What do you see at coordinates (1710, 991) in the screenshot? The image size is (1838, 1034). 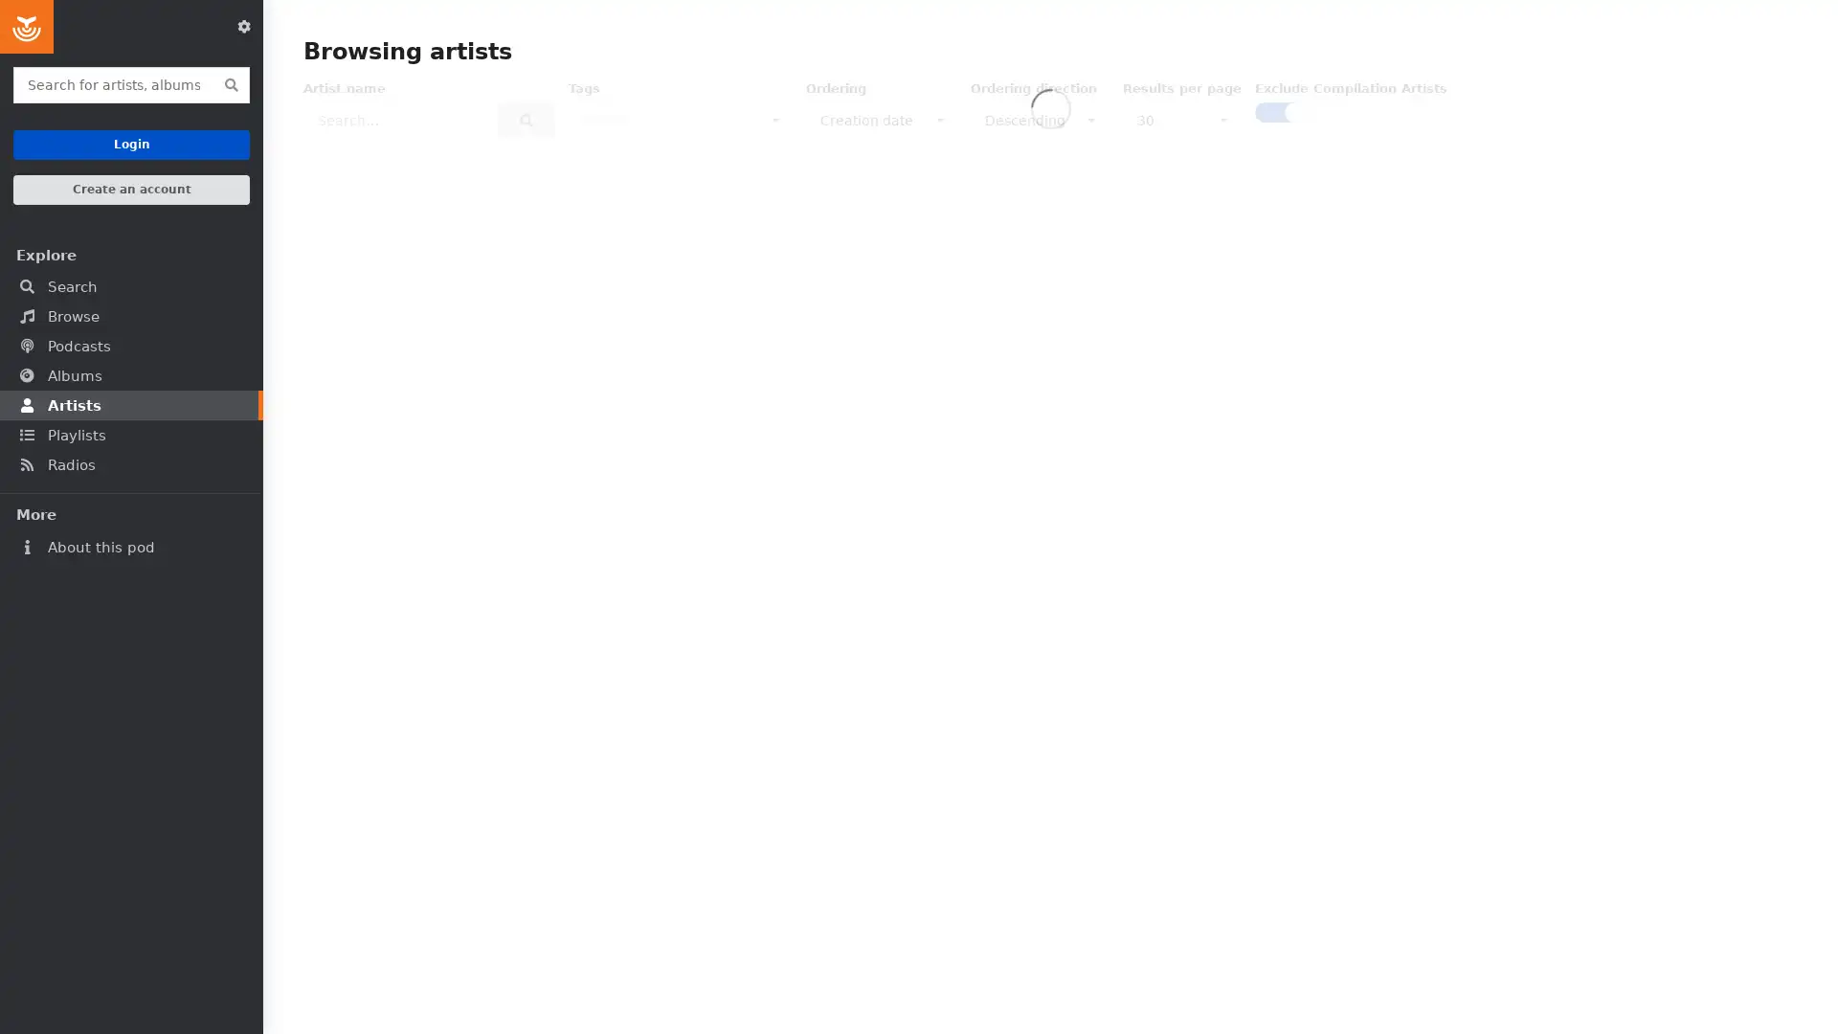 I see `Play artist` at bounding box center [1710, 991].